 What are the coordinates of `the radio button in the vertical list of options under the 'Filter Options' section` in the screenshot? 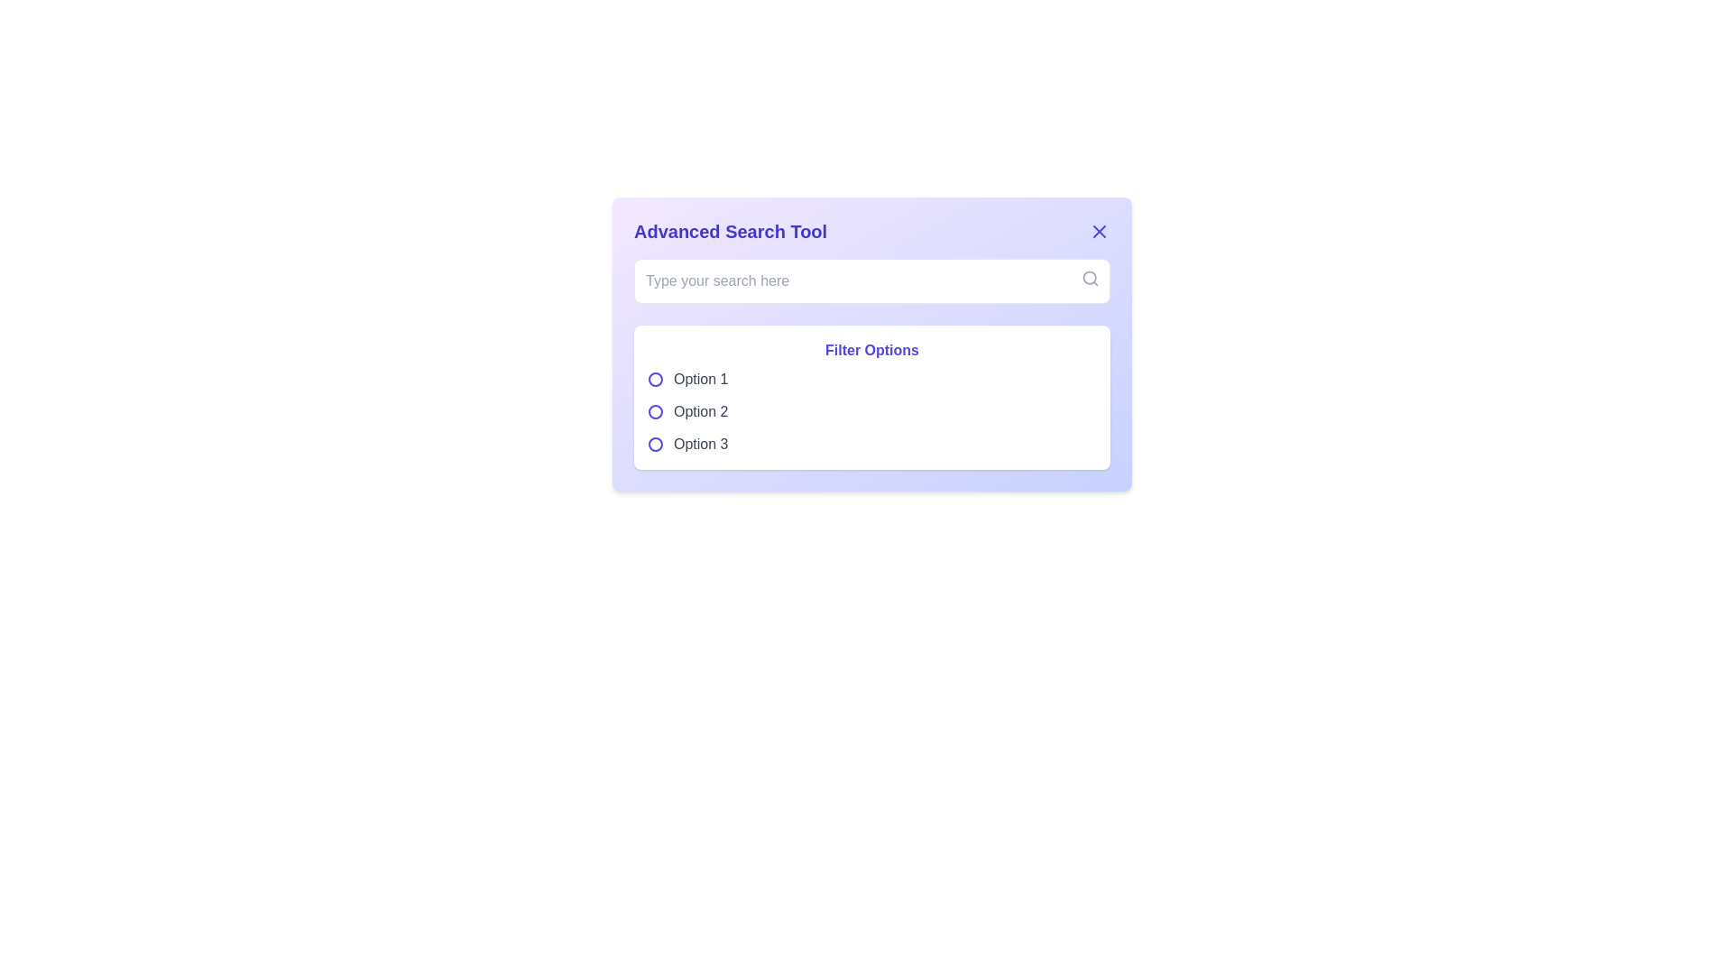 It's located at (871, 411).